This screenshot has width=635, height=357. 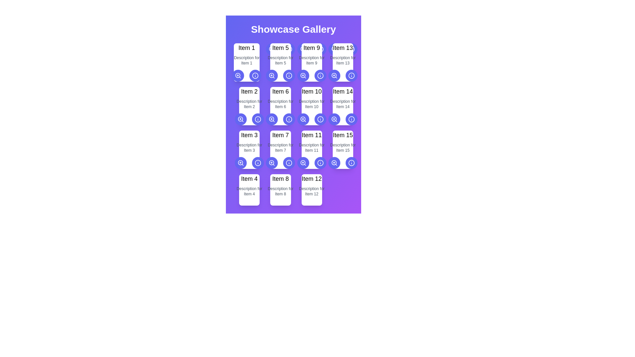 I want to click on the Icon button located in the fourth row and third column of the grid layout adjacent to 'Item 11', so click(x=320, y=119).